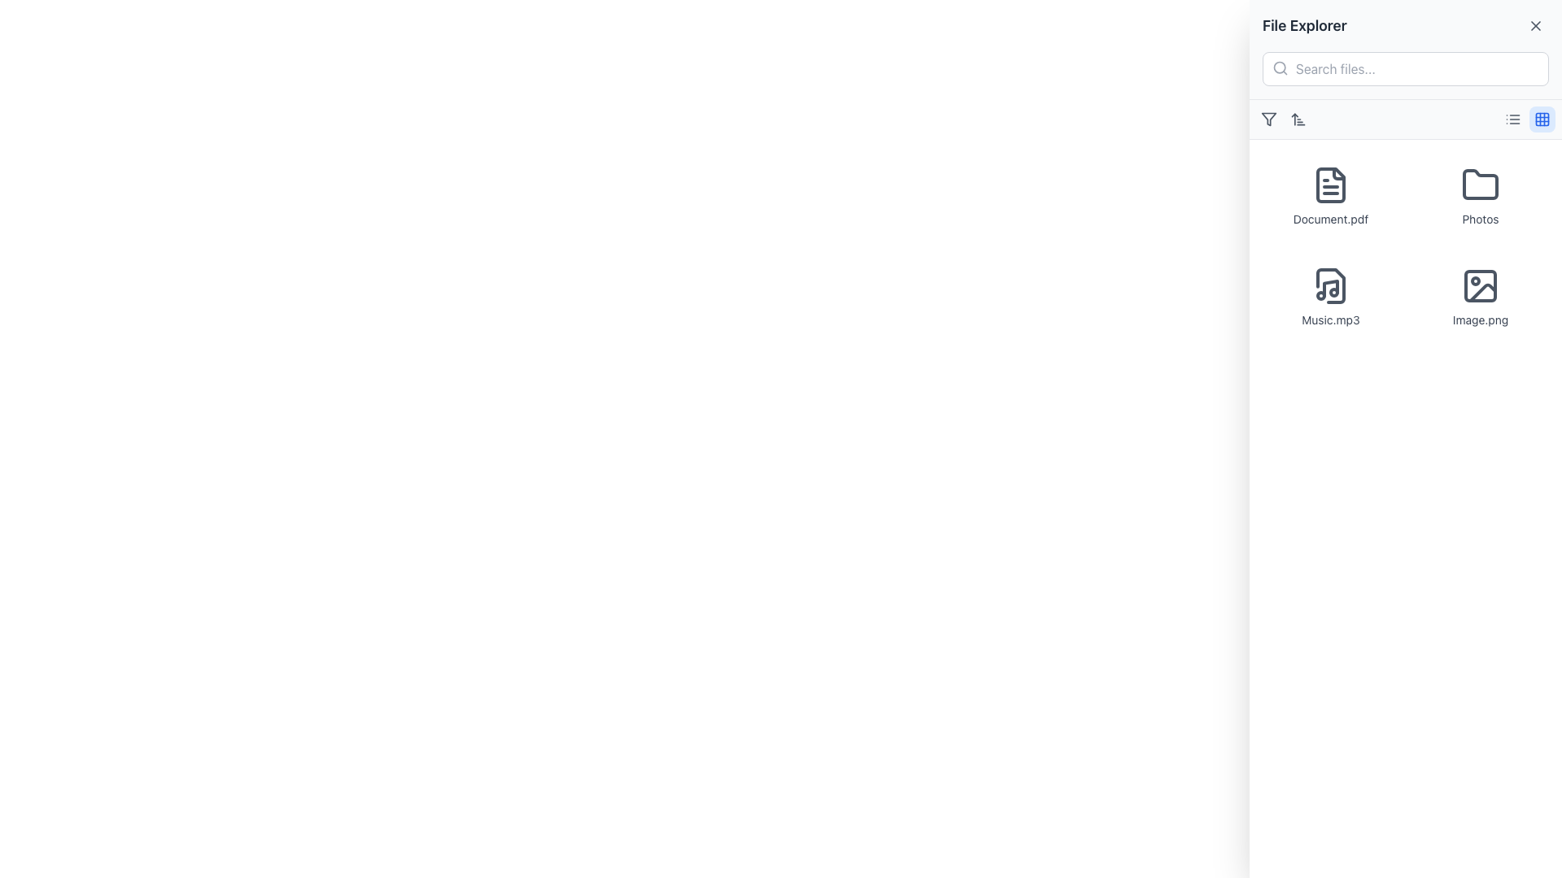 The image size is (1562, 878). What do you see at coordinates (1280, 67) in the screenshot?
I see `the search icon represented as a magnifying glass, which is located on the left side of the text input field labeled 'Search files...' in the toolbar` at bounding box center [1280, 67].